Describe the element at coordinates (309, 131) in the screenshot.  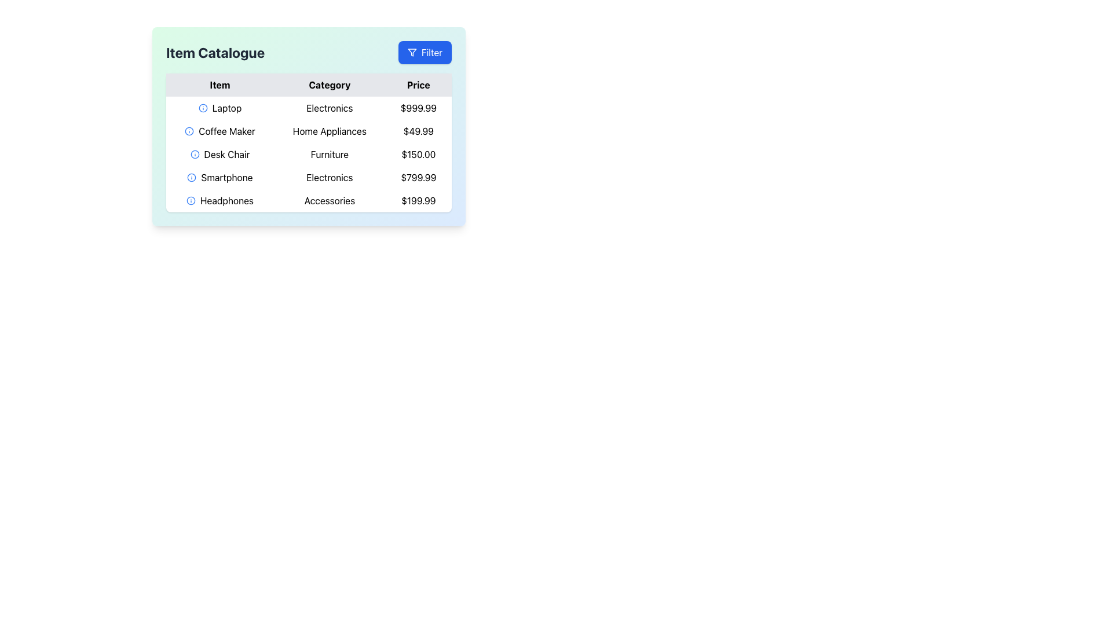
I see `the second row of the 'Item Catalogue' table` at that location.